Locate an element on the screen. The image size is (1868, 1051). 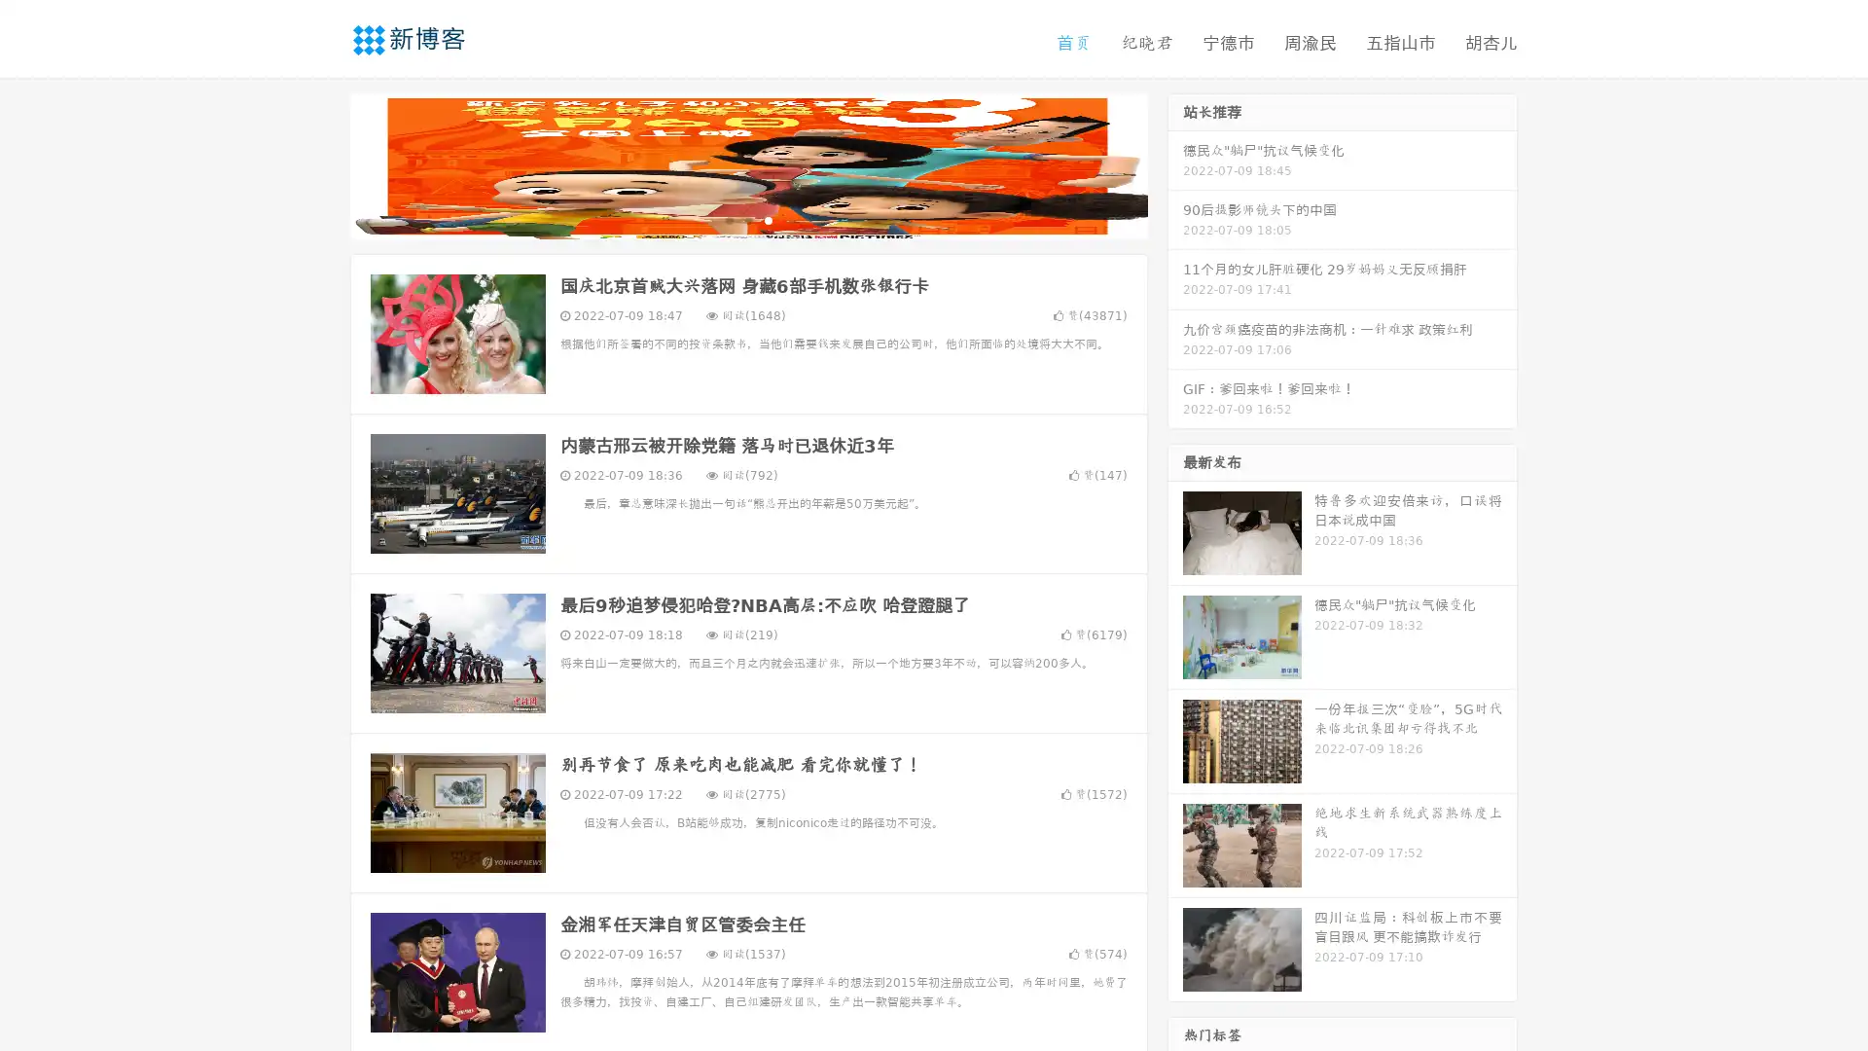
Go to slide 1 is located at coordinates (728, 219).